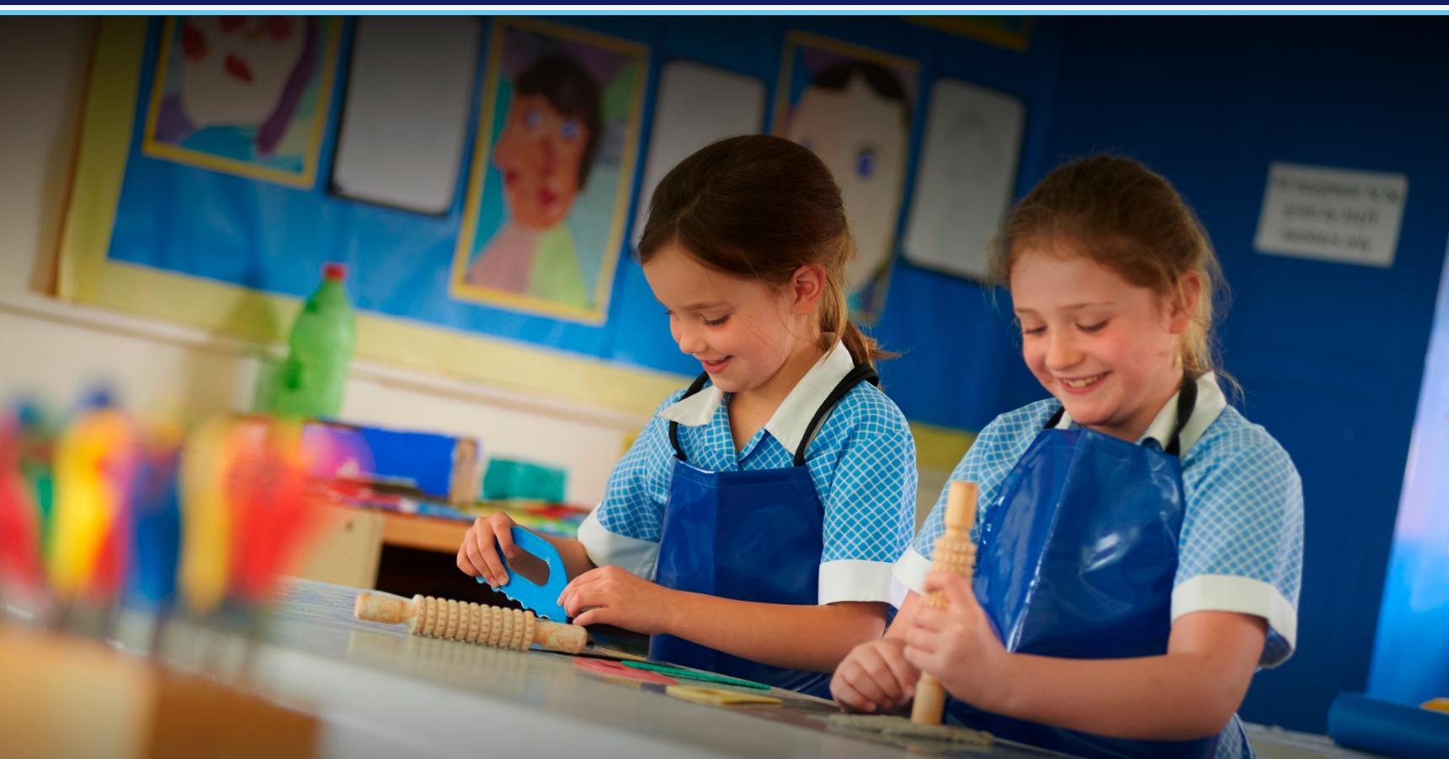 Image resolution: width=1449 pixels, height=759 pixels. Describe the element at coordinates (723, 178) in the screenshot. I see `'St Peter's School'` at that location.